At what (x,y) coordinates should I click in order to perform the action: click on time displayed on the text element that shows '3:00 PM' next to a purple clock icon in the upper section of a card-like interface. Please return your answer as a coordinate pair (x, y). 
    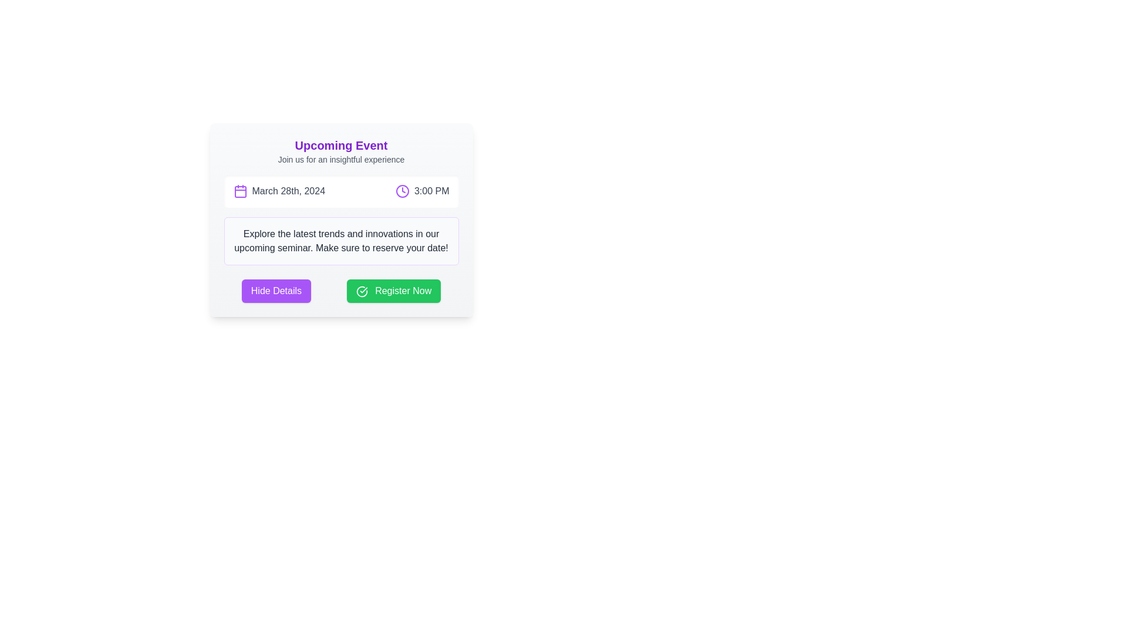
    Looking at the image, I should click on (422, 191).